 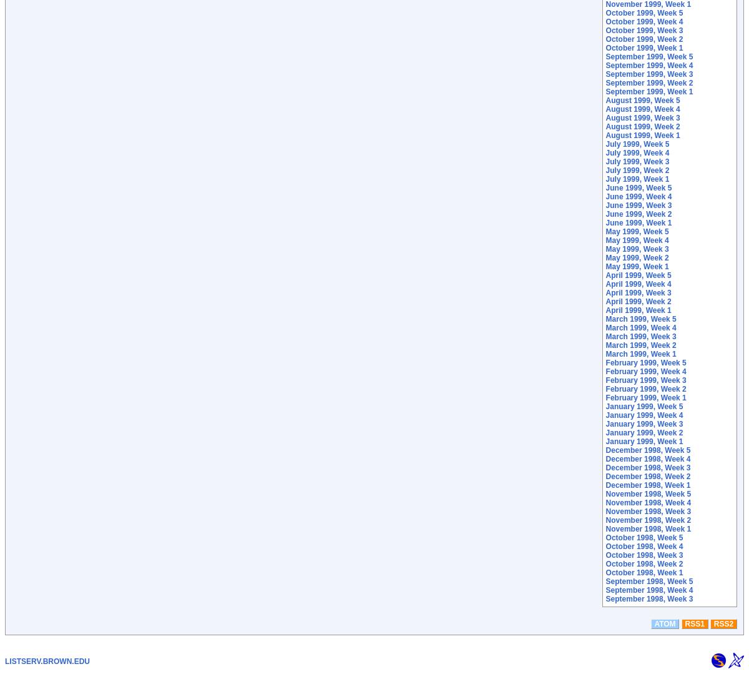 I want to click on 'August 1999, Week 5', so click(x=605, y=99).